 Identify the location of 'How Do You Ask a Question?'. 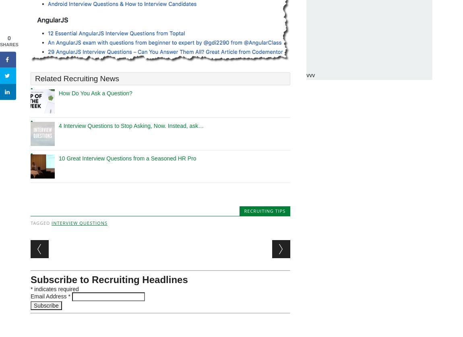
(95, 92).